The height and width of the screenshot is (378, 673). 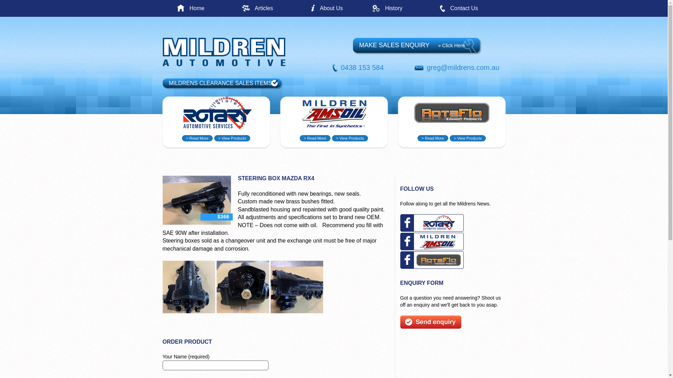 I want to click on 'History', so click(x=411, y=8).